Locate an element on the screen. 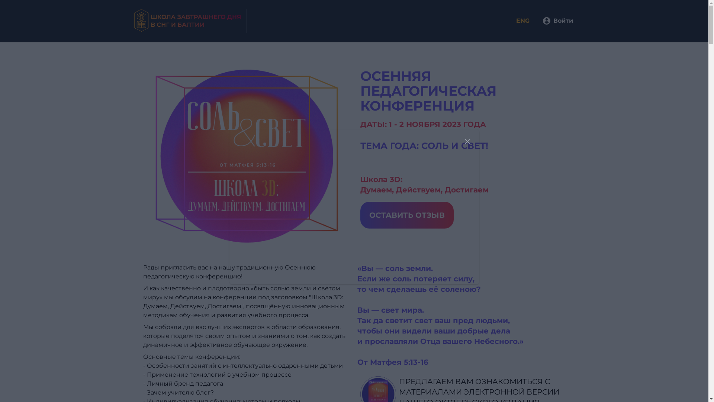  'ENG' is located at coordinates (528, 20).